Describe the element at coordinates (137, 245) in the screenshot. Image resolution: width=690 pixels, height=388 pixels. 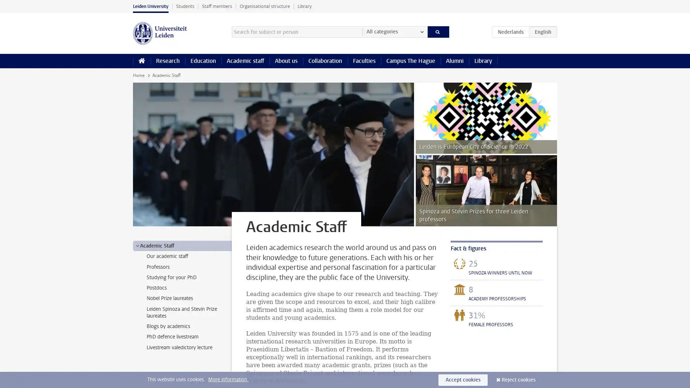
I see `>` at that location.